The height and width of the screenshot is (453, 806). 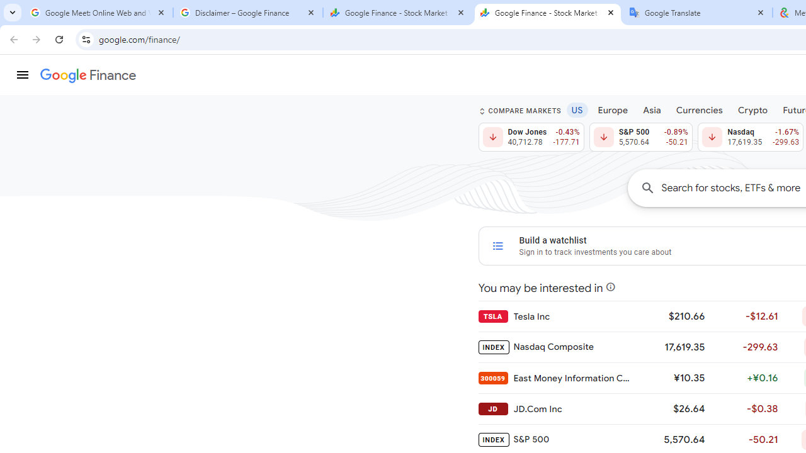 I want to click on 'Currencies', so click(x=698, y=109).